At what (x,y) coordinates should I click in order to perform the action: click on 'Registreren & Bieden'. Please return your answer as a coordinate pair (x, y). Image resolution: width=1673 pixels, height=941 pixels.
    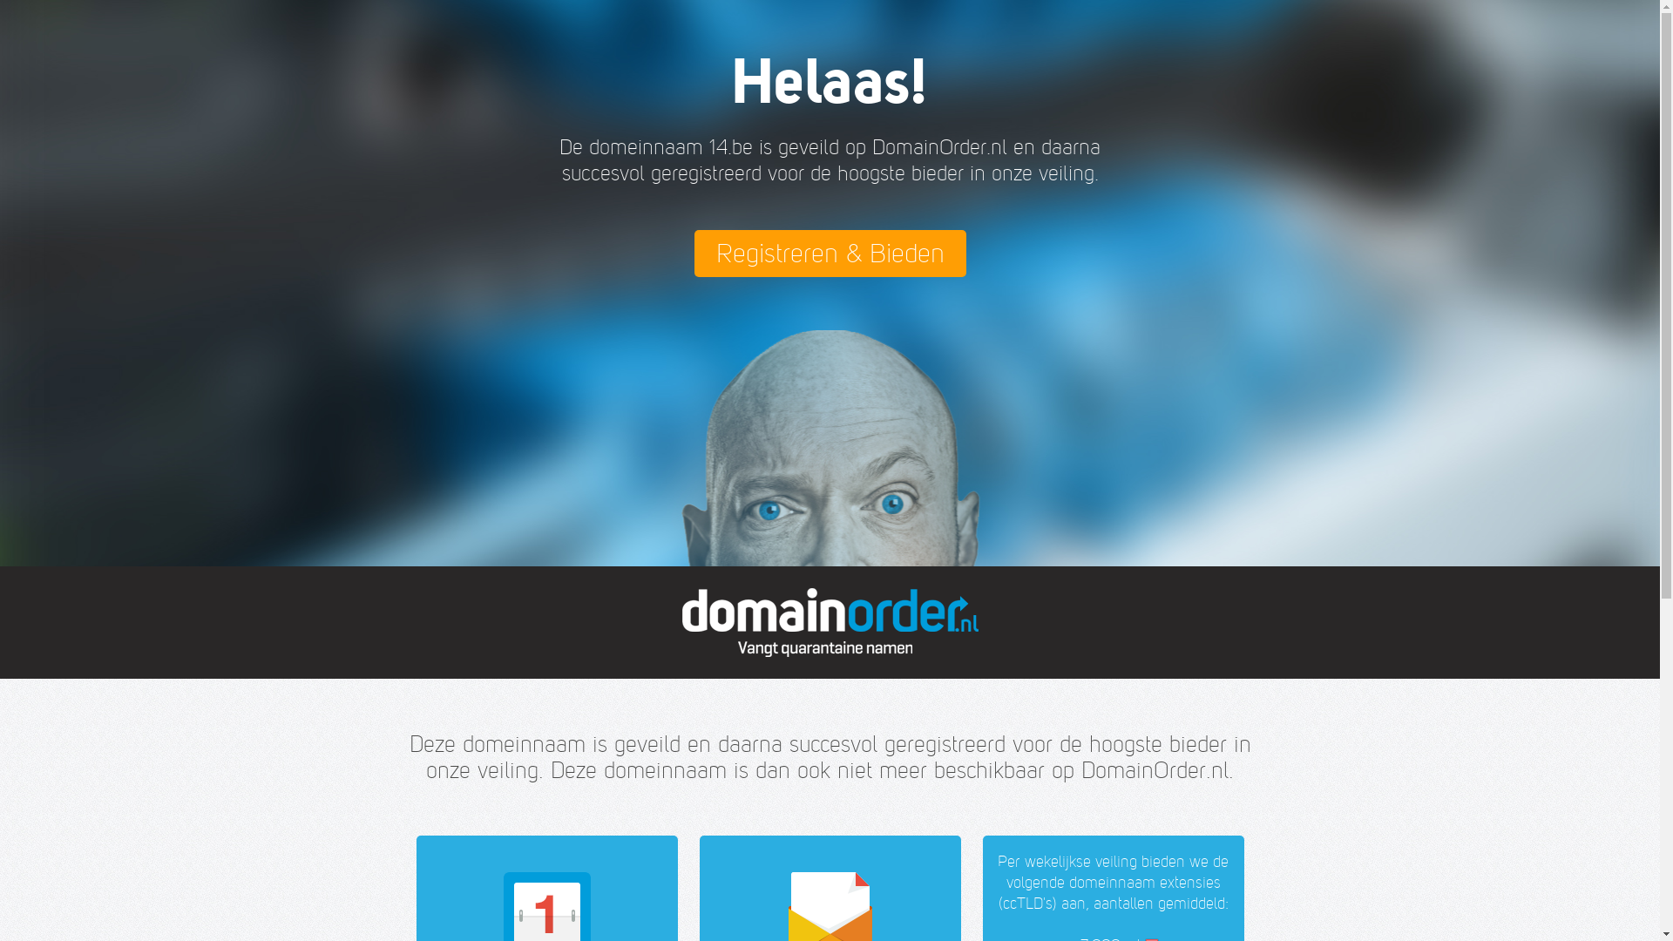
    Looking at the image, I should click on (828, 253).